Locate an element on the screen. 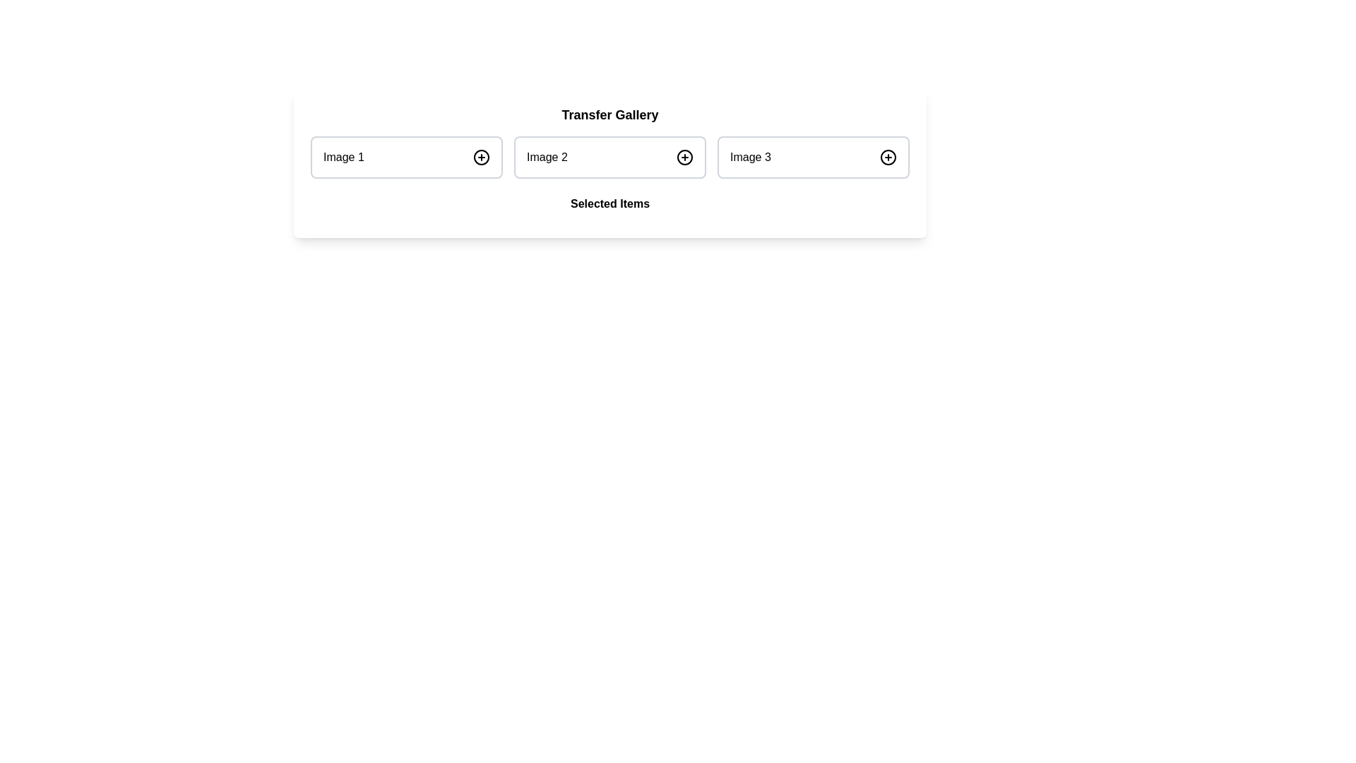 The image size is (1356, 763). the central circle element within the button-like area of 'Image 1' under 'Transfer Gallery' is located at coordinates (481, 158).